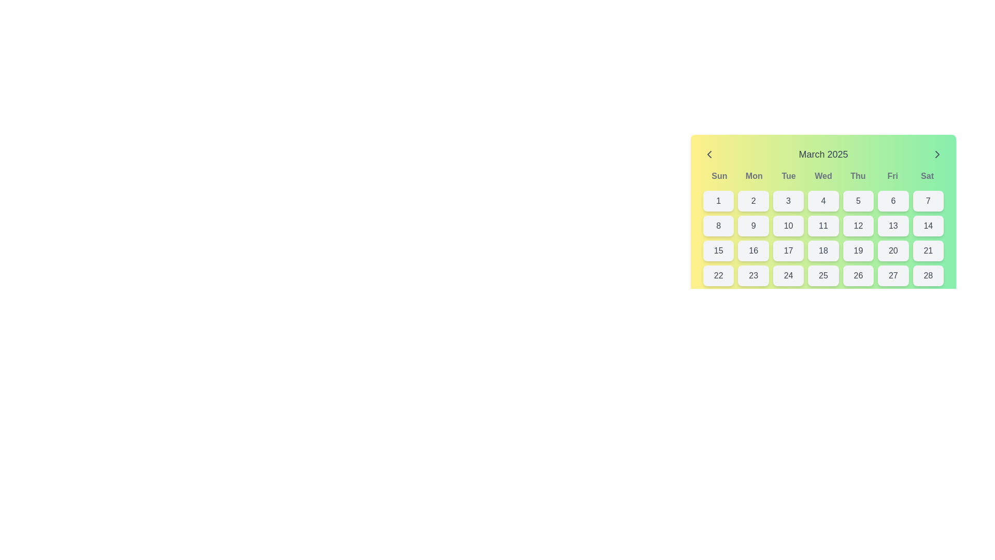  I want to click on the button displaying the numeral '17' in bold, dark grey font, located in the third row and third column of the calendar view, so click(788, 250).